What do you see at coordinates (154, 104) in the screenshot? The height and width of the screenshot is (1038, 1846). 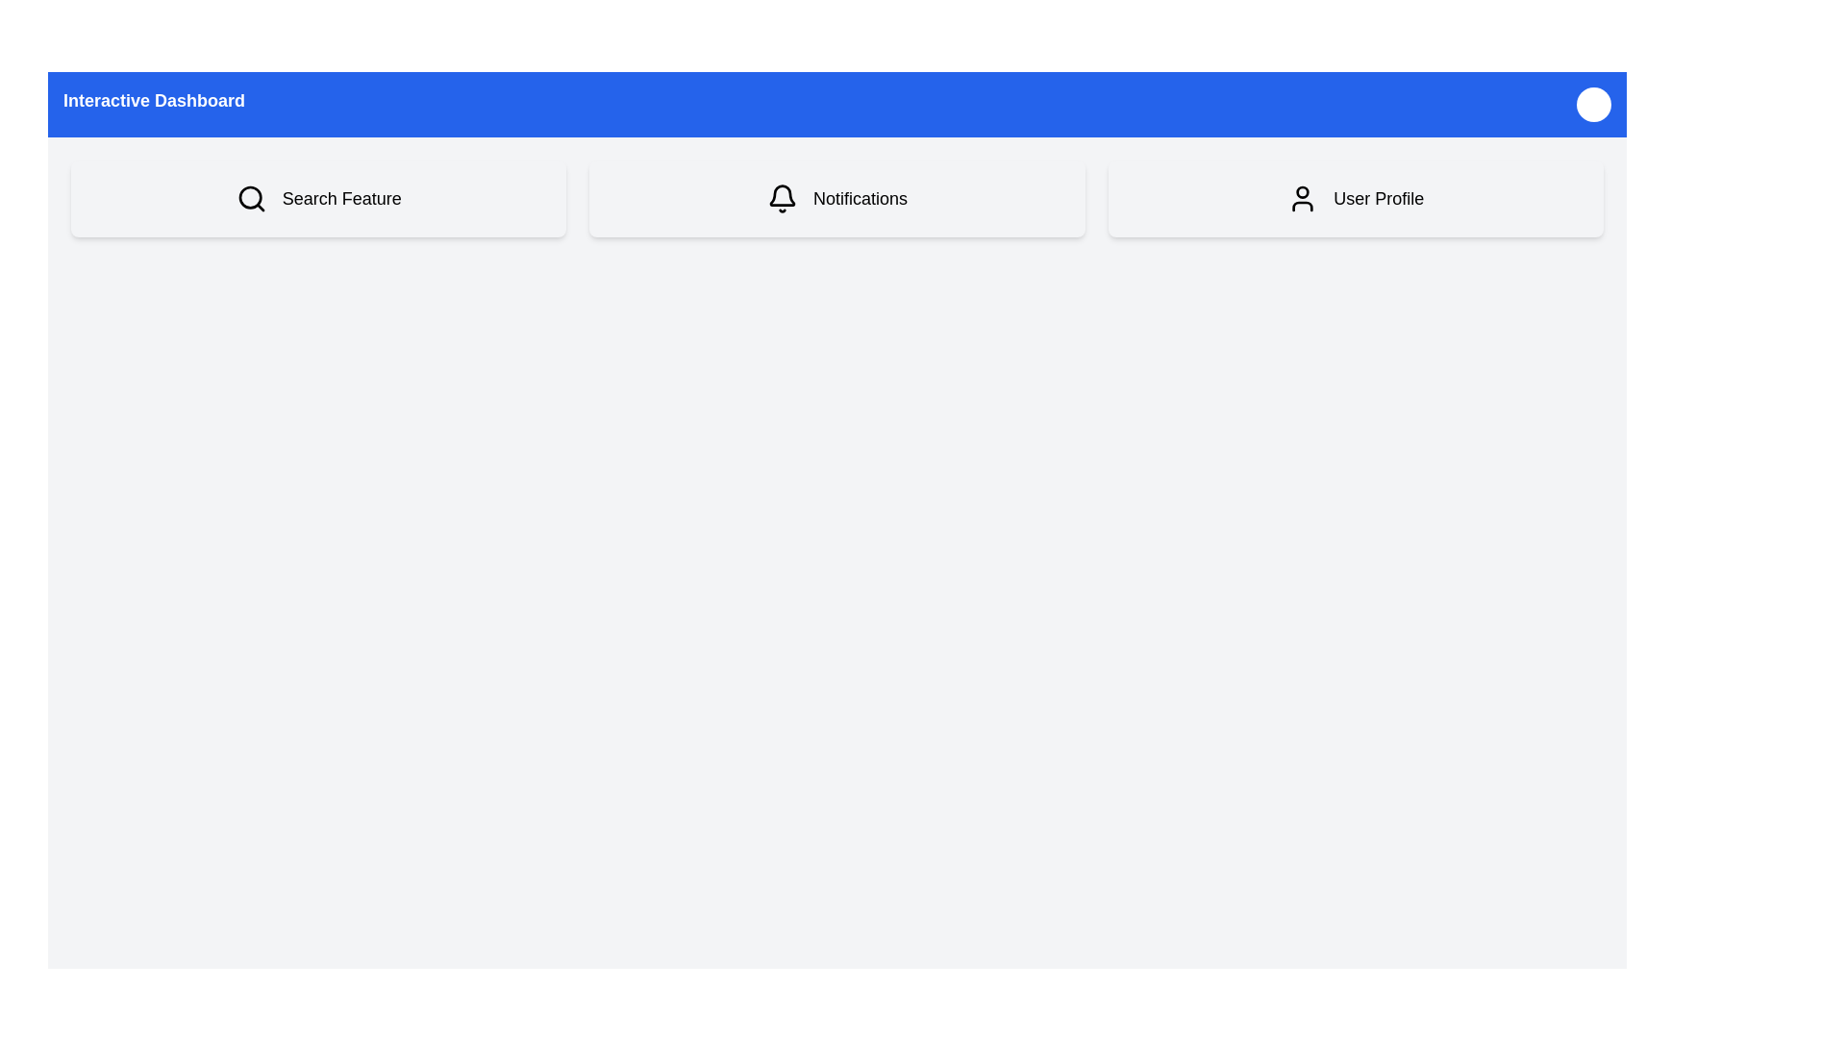 I see `the bold and large text label 'Interactive Dashboard' located on the left side of a blue navigation bar` at bounding box center [154, 104].